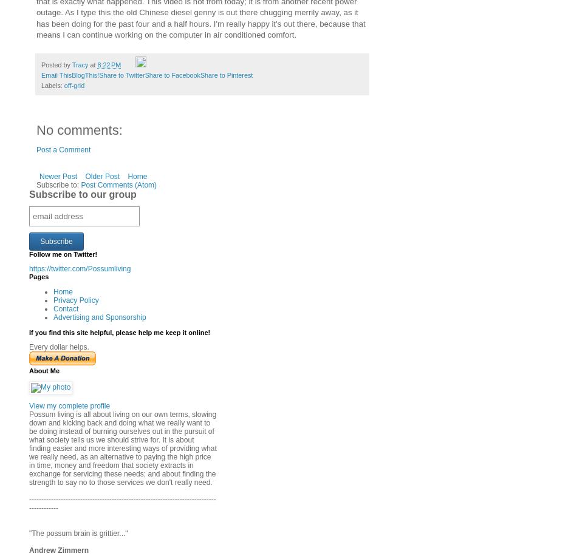 This screenshot has width=588, height=559. What do you see at coordinates (79, 64) in the screenshot?
I see `'Tracy'` at bounding box center [79, 64].